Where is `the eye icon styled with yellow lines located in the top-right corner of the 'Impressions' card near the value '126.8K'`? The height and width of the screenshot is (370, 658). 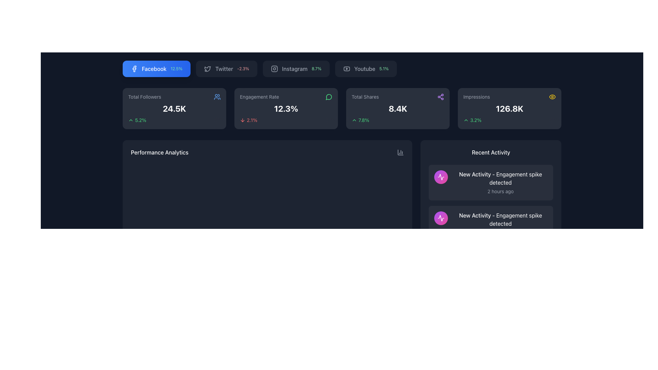
the eye icon styled with yellow lines located in the top-right corner of the 'Impressions' card near the value '126.8K' is located at coordinates (552, 97).